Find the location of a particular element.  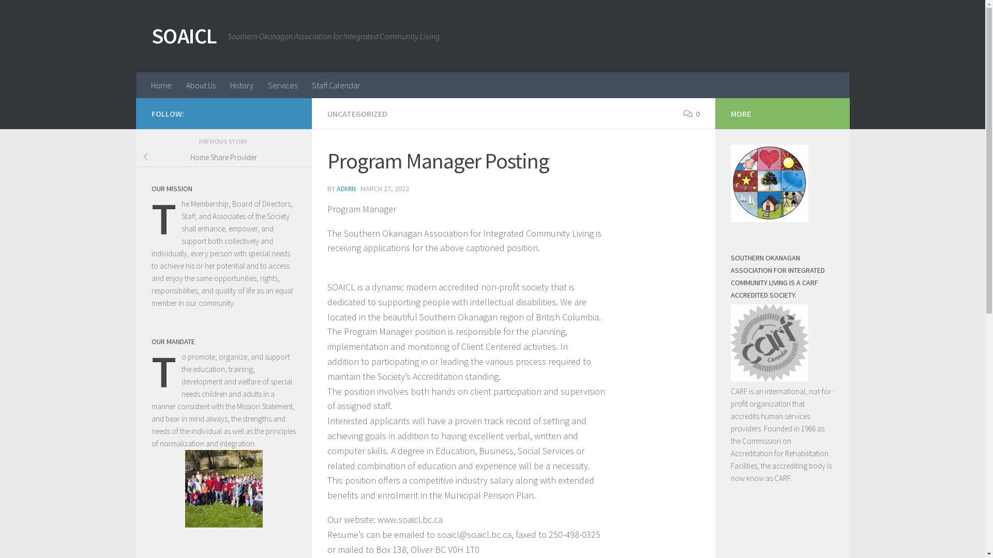

'ADMIN' is located at coordinates (345, 189).